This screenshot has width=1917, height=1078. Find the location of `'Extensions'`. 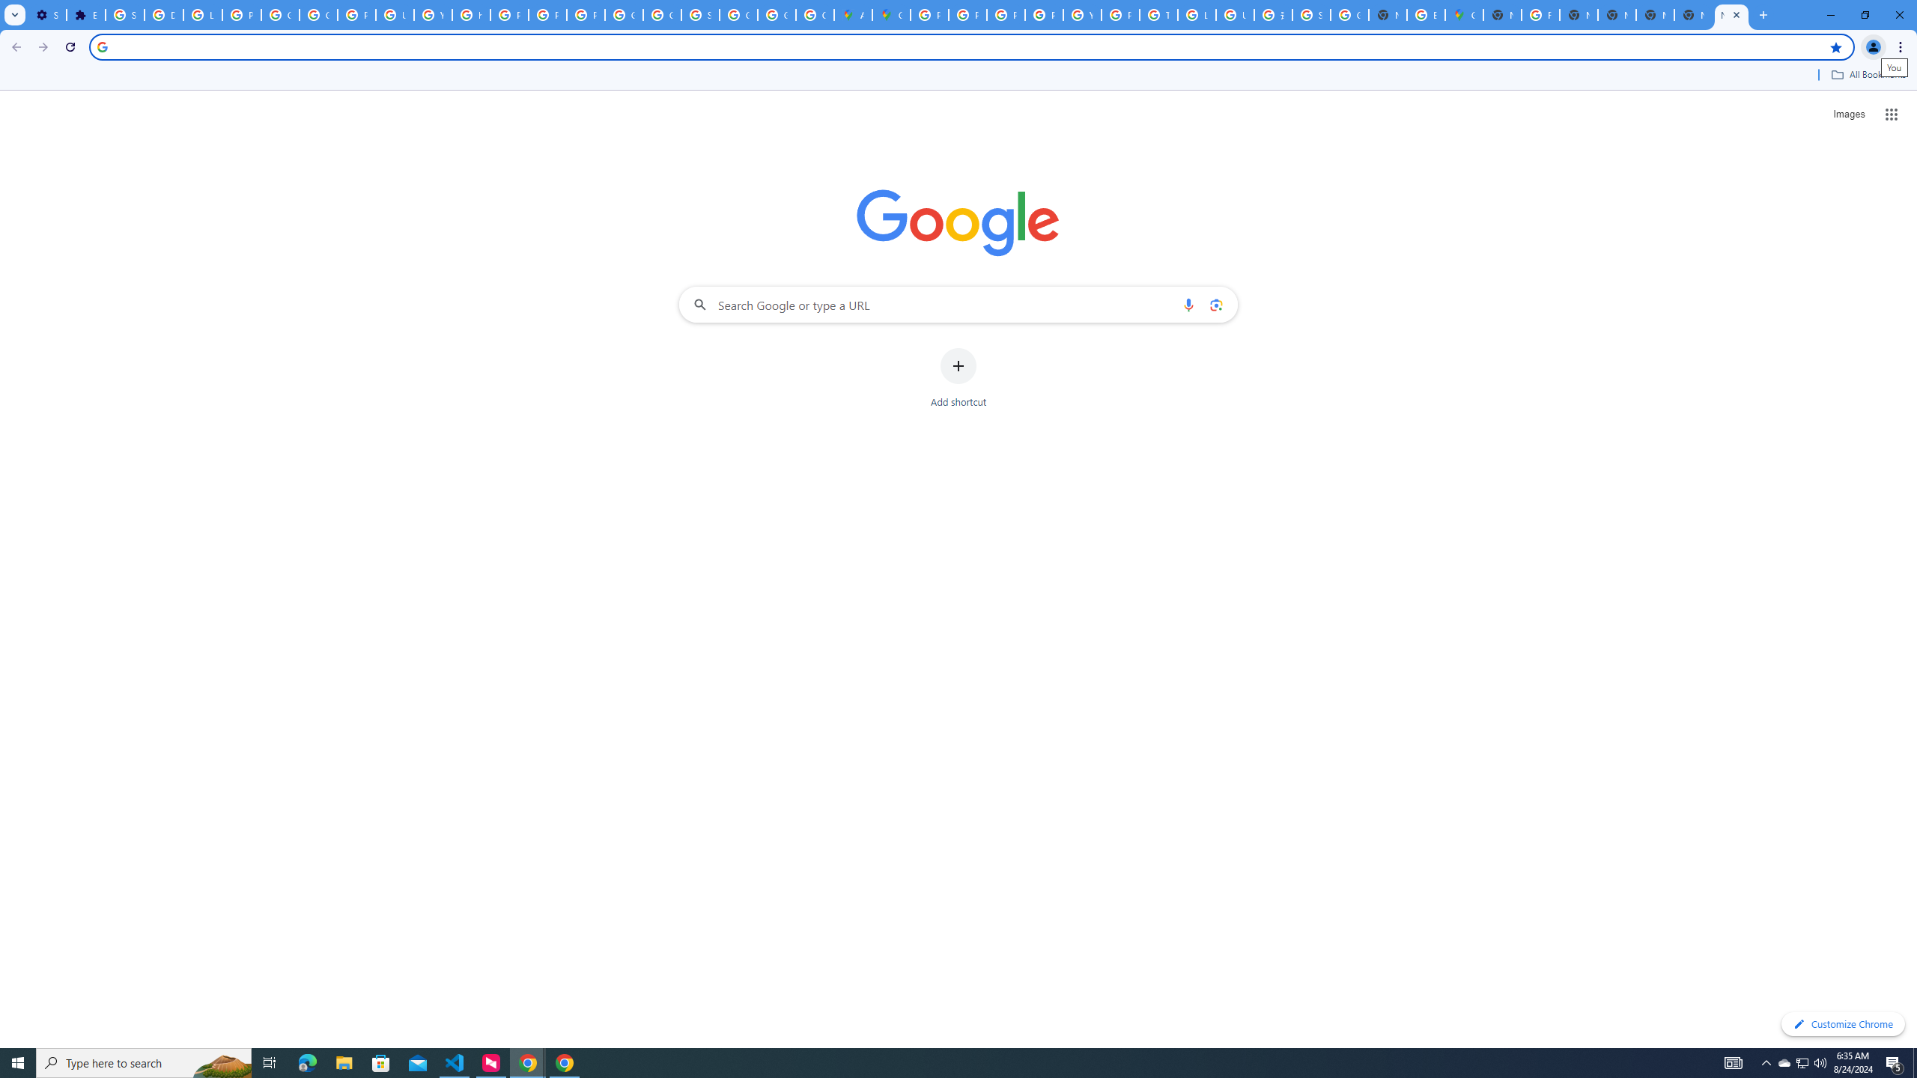

'Extensions' is located at coordinates (85, 14).